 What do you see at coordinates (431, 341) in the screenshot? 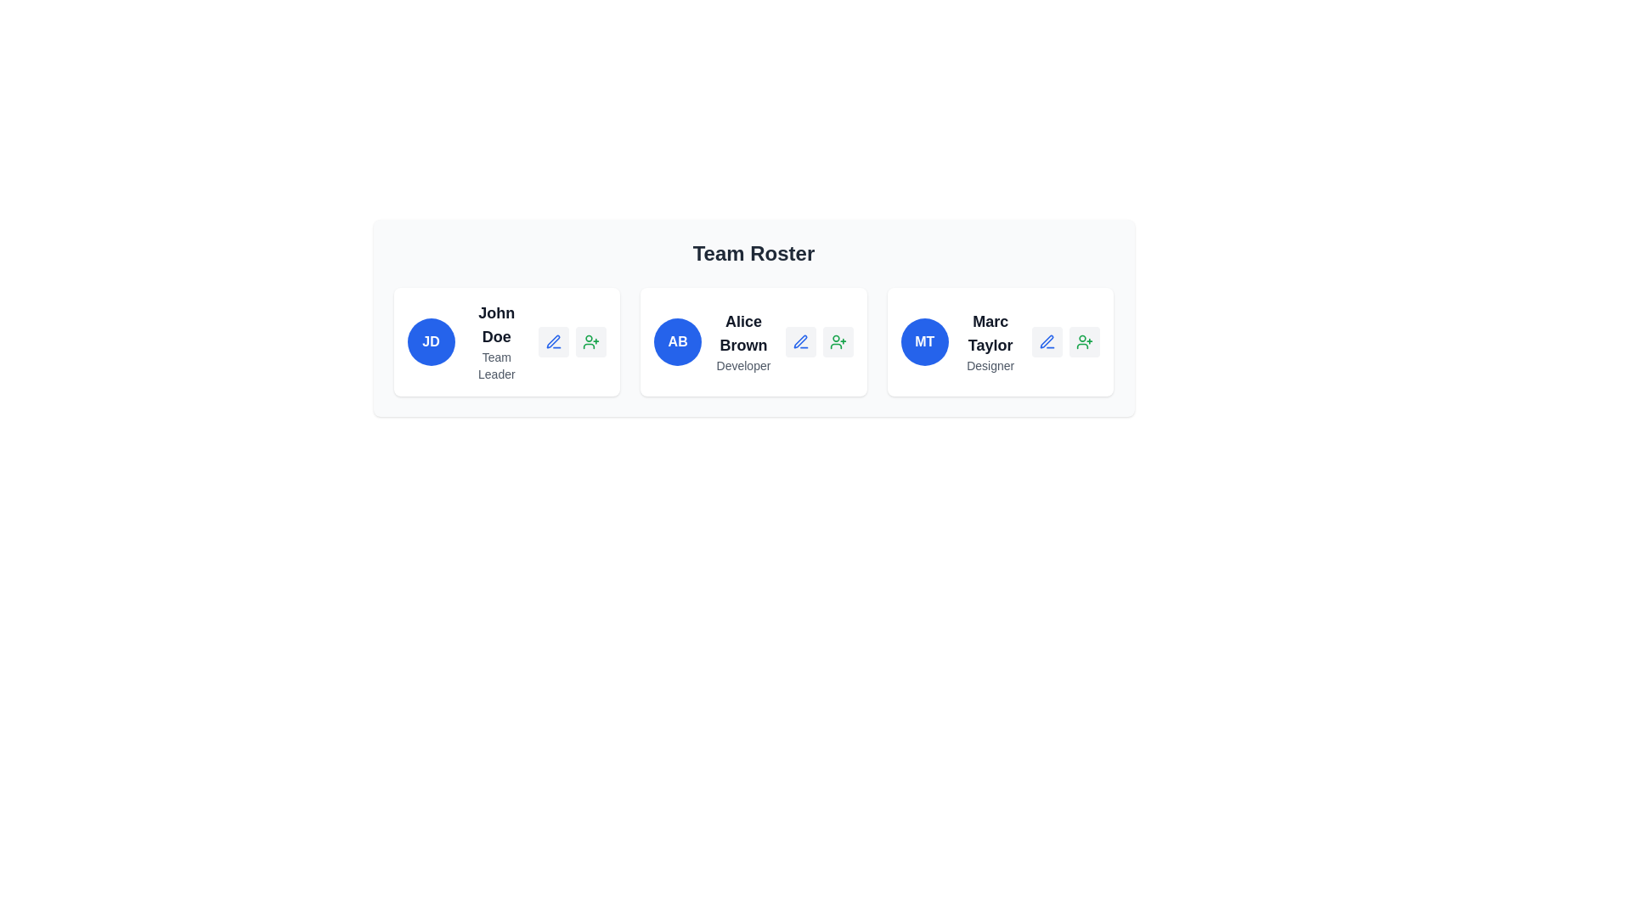
I see `the Avatar badge with the blue background and 'JD' letters, located in the first card of the team roster section` at bounding box center [431, 341].